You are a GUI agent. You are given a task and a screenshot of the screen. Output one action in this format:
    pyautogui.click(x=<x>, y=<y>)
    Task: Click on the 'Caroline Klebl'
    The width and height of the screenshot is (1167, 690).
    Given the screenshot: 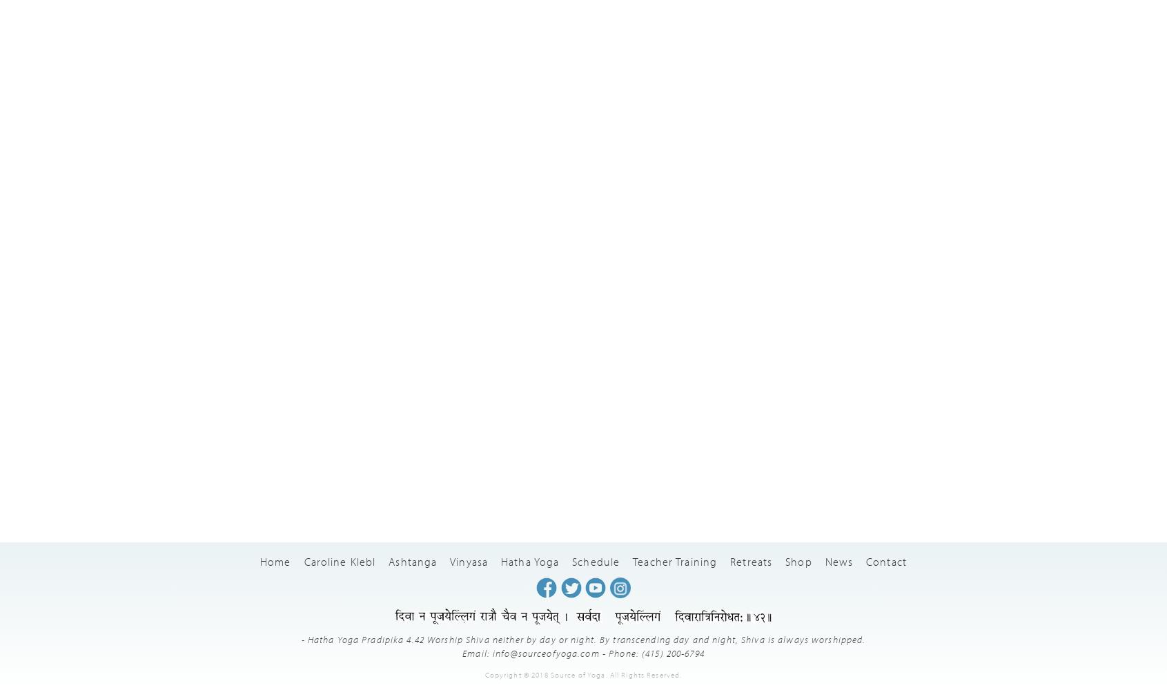 What is the action you would take?
    pyautogui.click(x=339, y=560)
    